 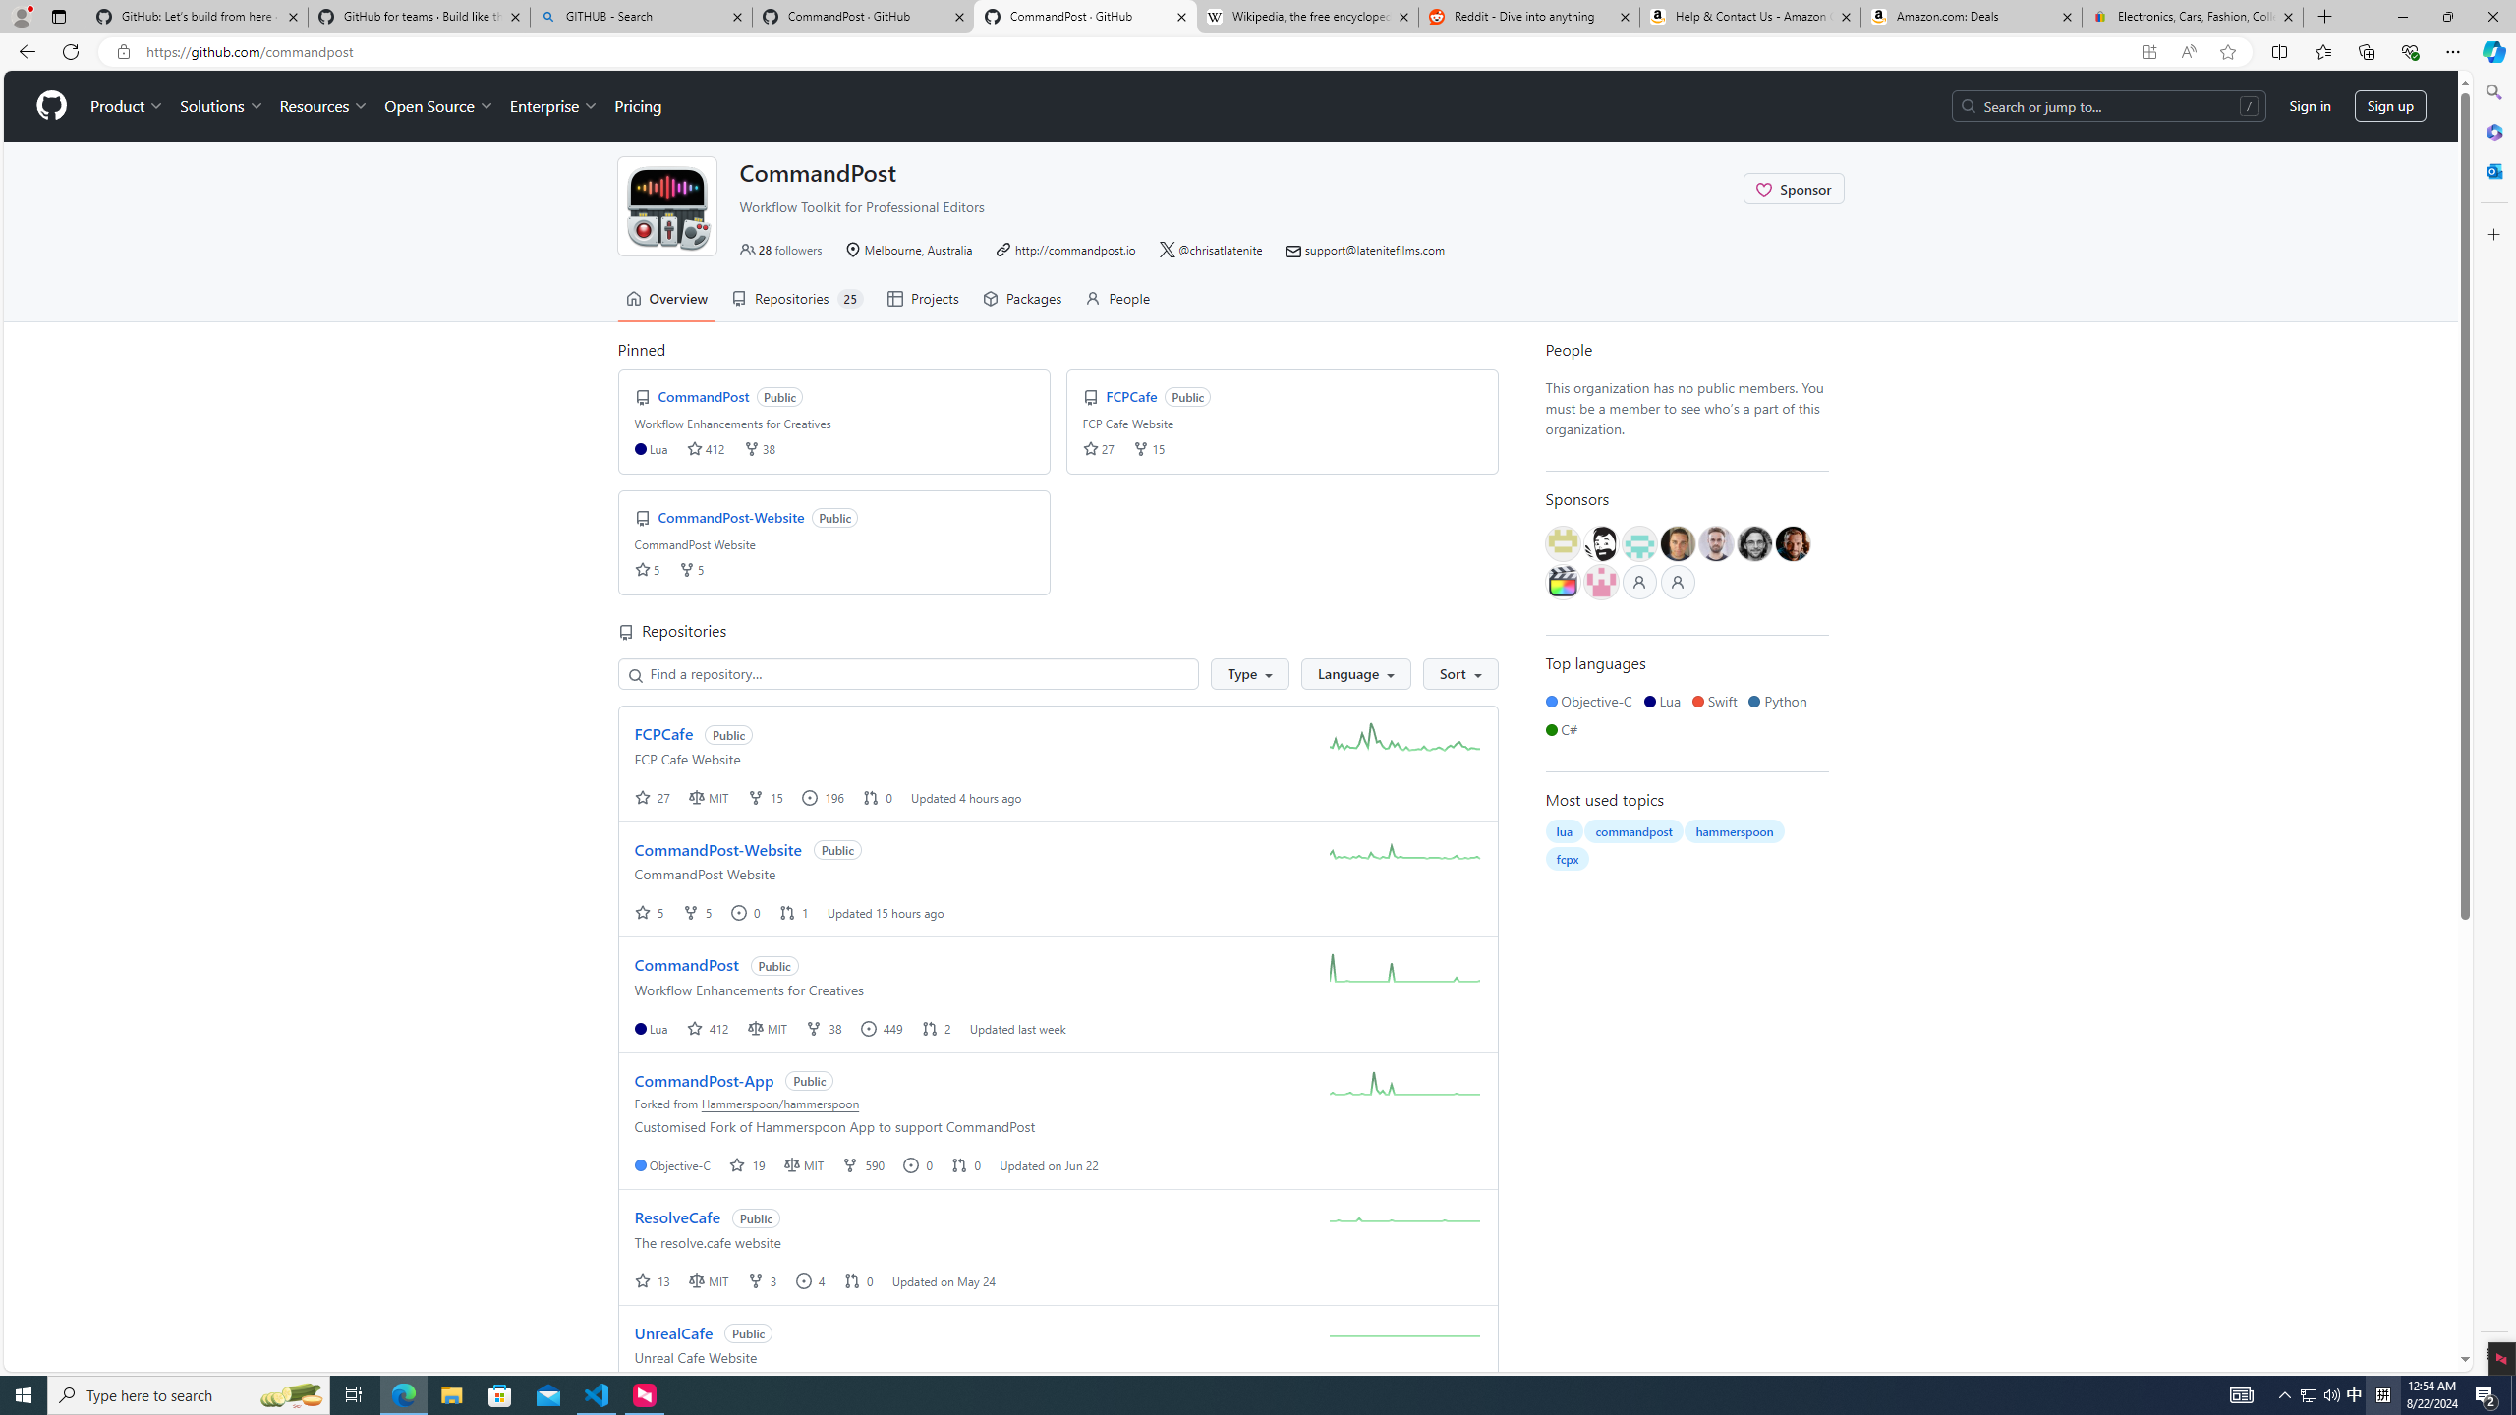 What do you see at coordinates (1753, 542) in the screenshot?
I see `'@florian-duffe'` at bounding box center [1753, 542].